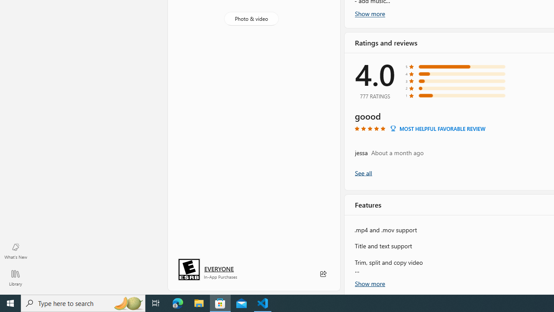 Image resolution: width=554 pixels, height=312 pixels. Describe the element at coordinates (363, 172) in the screenshot. I see `'Show all ratings and reviews'` at that location.